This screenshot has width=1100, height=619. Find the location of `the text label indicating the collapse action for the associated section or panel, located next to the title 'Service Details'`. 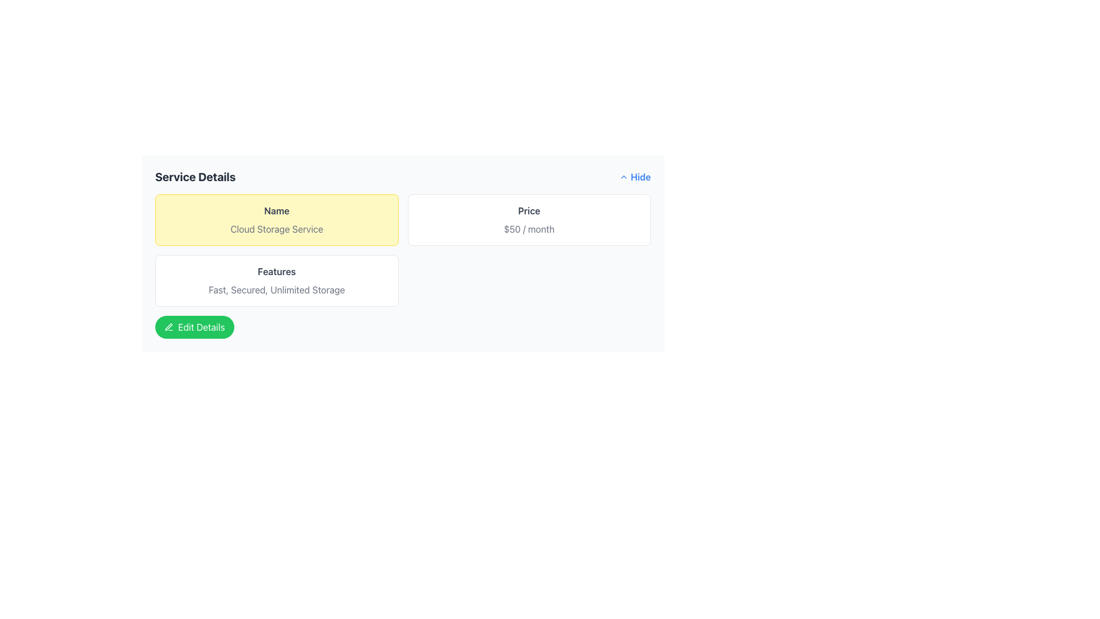

the text label indicating the collapse action for the associated section or panel, located next to the title 'Service Details' is located at coordinates (640, 177).